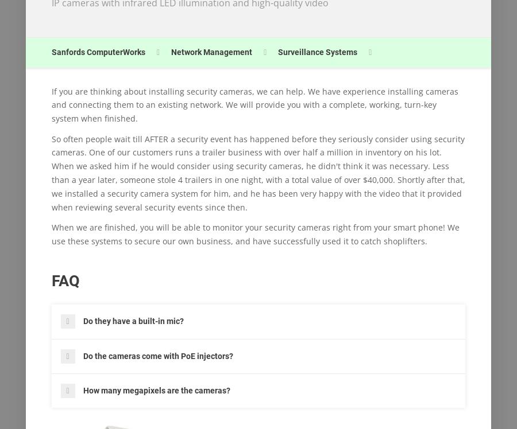 The image size is (517, 429). What do you see at coordinates (157, 355) in the screenshot?
I see `'Do the cameras come with PoE injectors?'` at bounding box center [157, 355].